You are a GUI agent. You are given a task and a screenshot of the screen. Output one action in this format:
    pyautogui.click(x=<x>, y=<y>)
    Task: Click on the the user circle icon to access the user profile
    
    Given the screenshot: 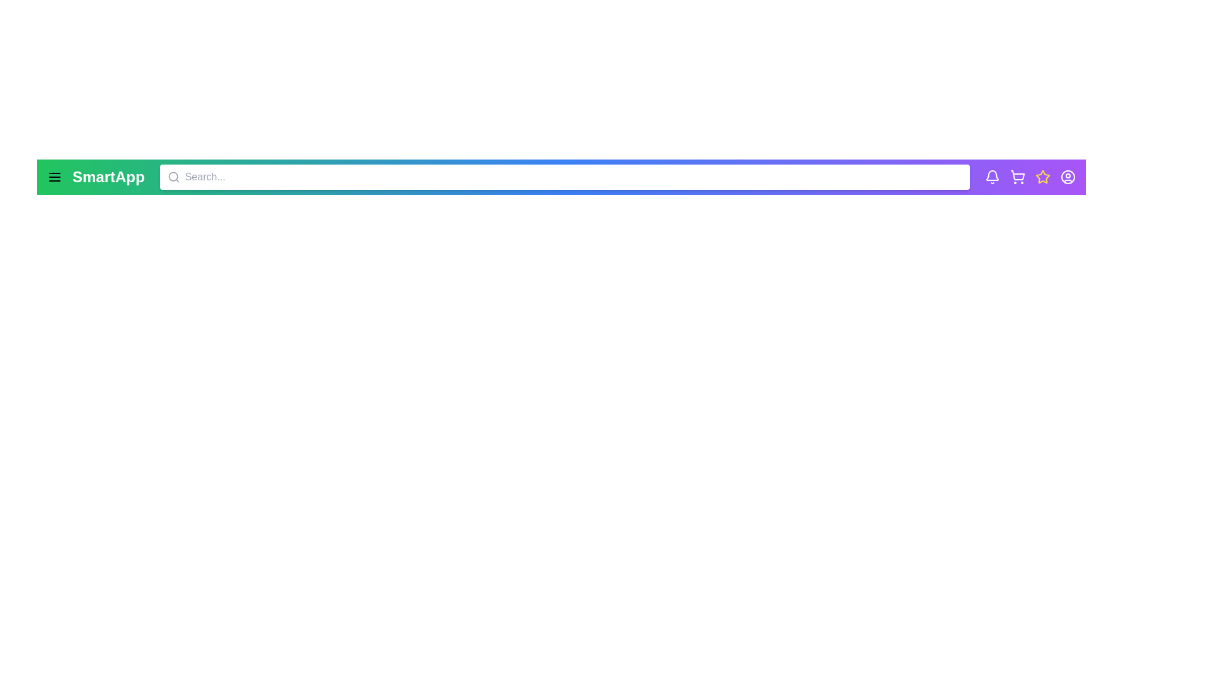 What is the action you would take?
    pyautogui.click(x=1067, y=177)
    